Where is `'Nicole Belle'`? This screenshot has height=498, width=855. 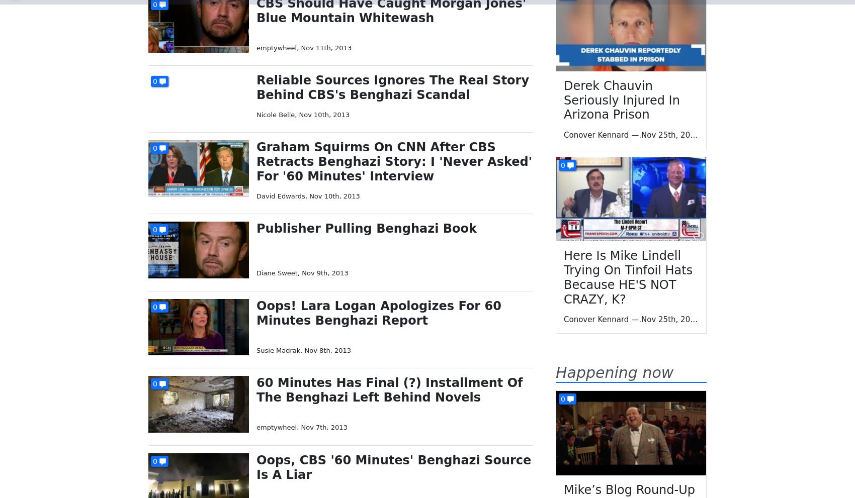
'Nicole Belle' is located at coordinates (275, 114).